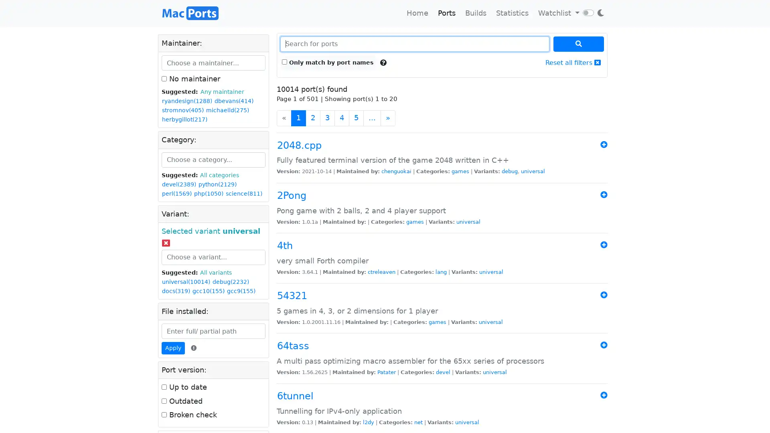 The image size is (770, 433). Describe the element at coordinates (241, 291) in the screenshot. I see `gcc9(155)` at that location.